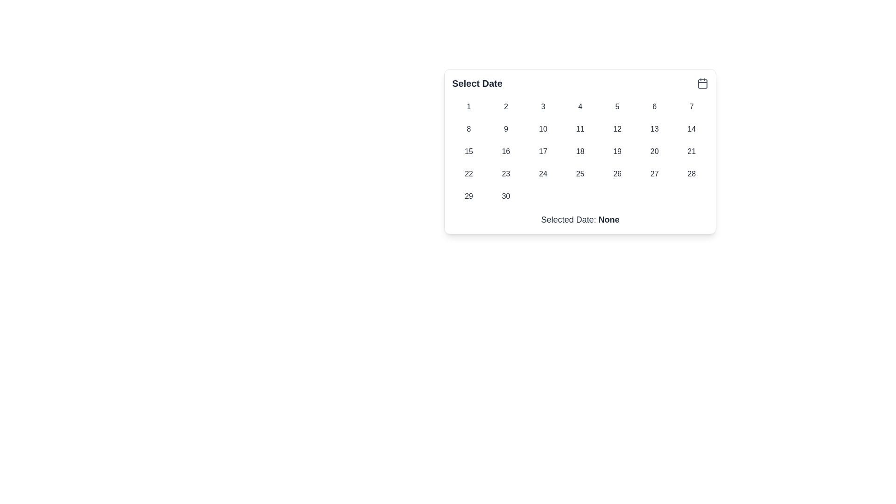 This screenshot has width=896, height=504. Describe the element at coordinates (580, 106) in the screenshot. I see `the date selection button for the date '4' located in the first row, fourth column of the calendar grid` at that location.